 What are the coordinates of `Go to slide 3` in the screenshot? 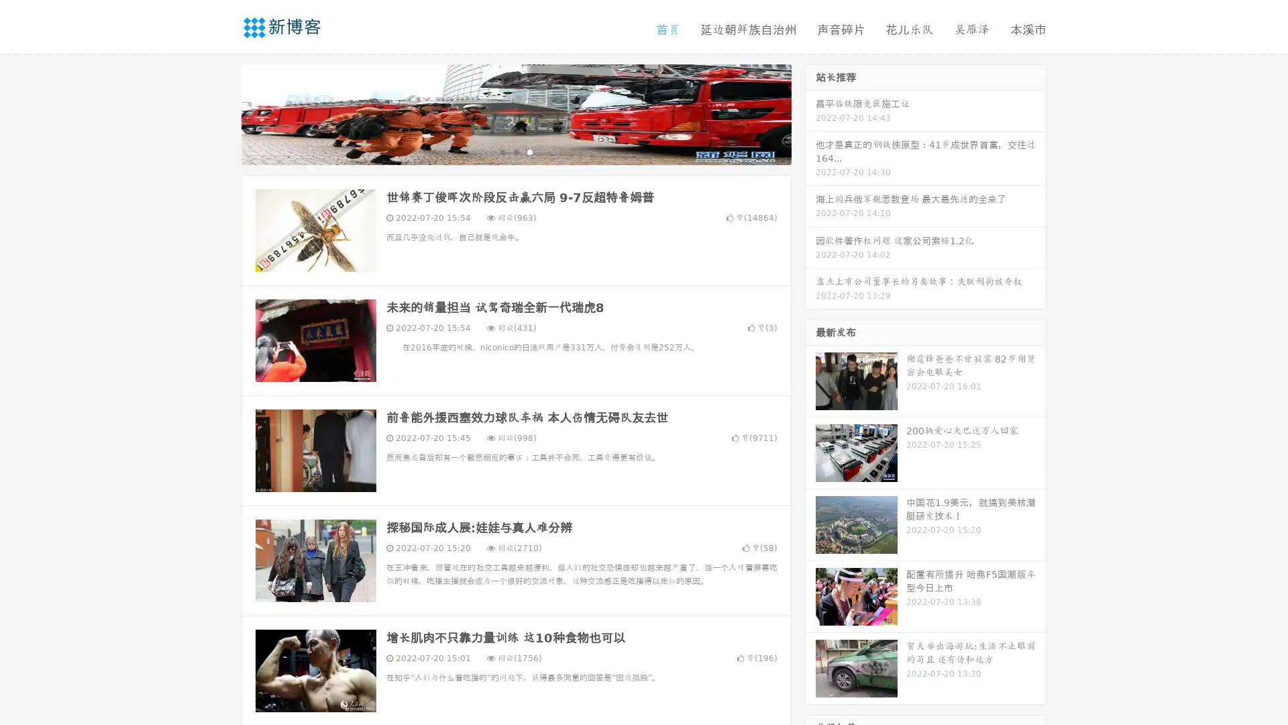 It's located at (529, 151).